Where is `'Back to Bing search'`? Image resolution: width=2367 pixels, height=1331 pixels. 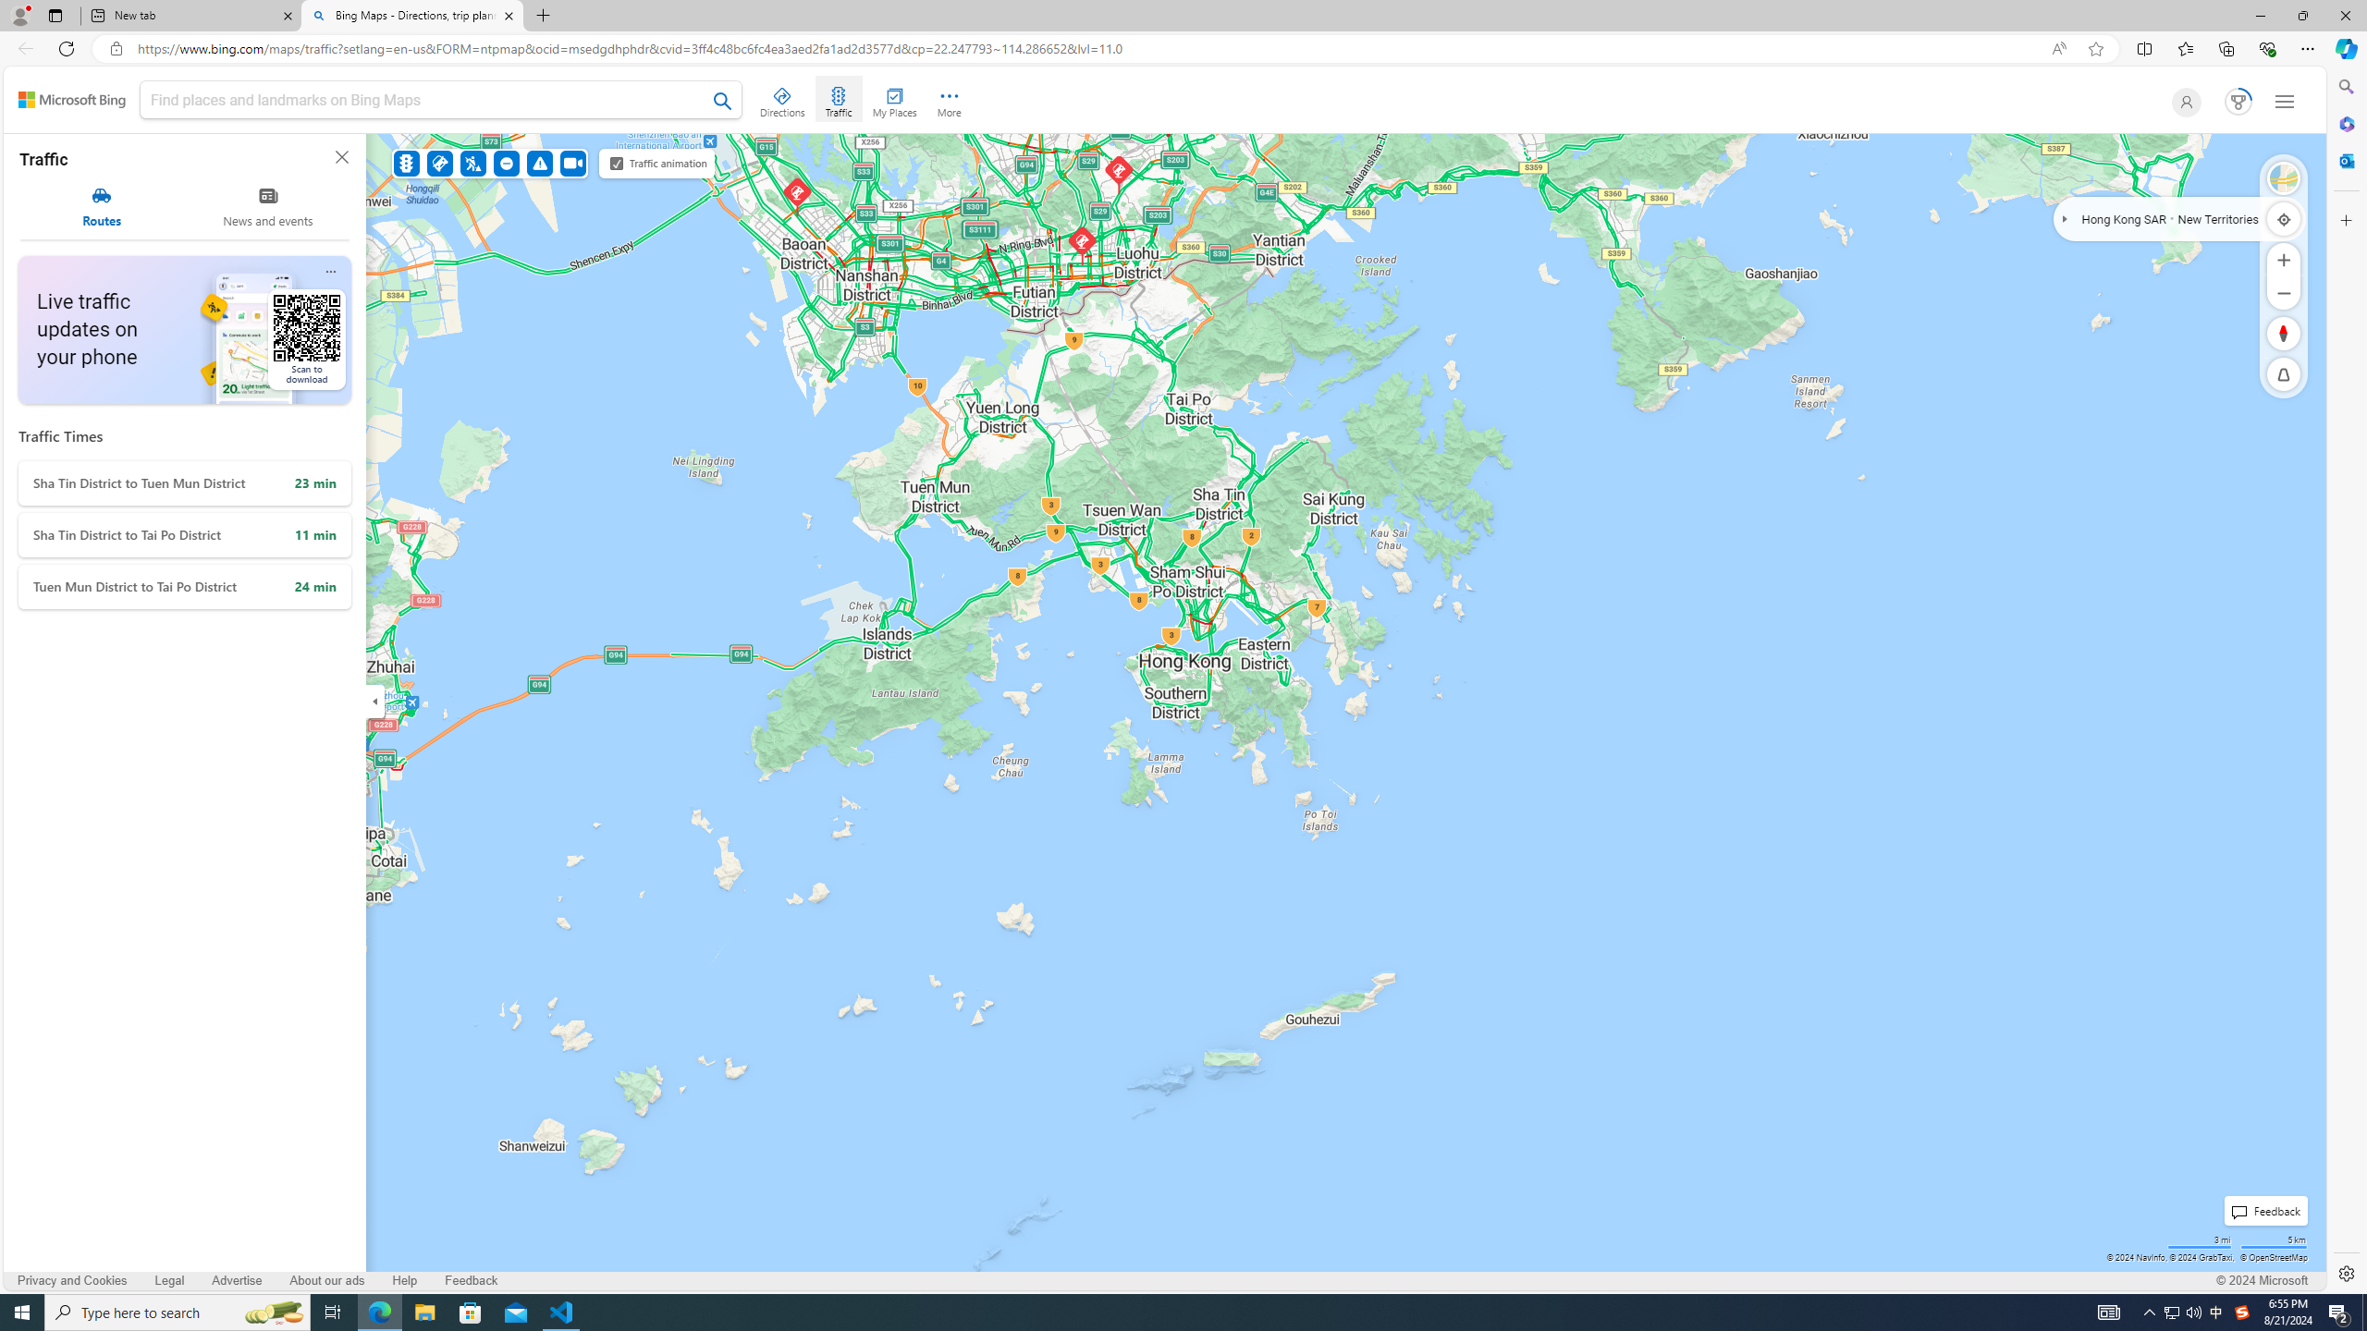
'Back to Bing search' is located at coordinates (71, 99).